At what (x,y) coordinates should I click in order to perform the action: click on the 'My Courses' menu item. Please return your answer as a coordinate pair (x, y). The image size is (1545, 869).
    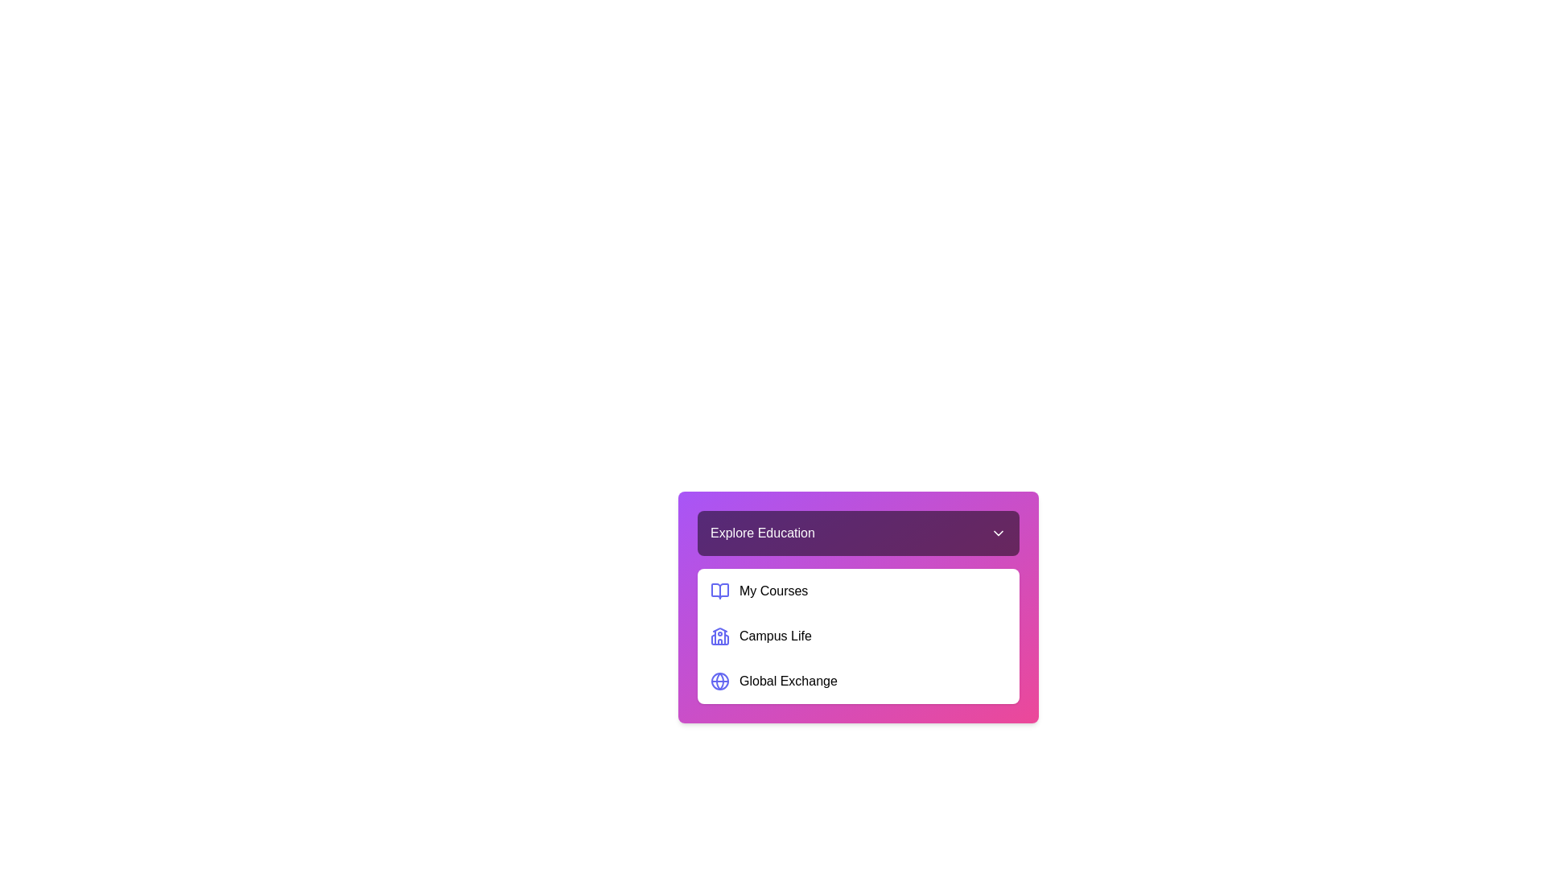
    Looking at the image, I should click on (857, 591).